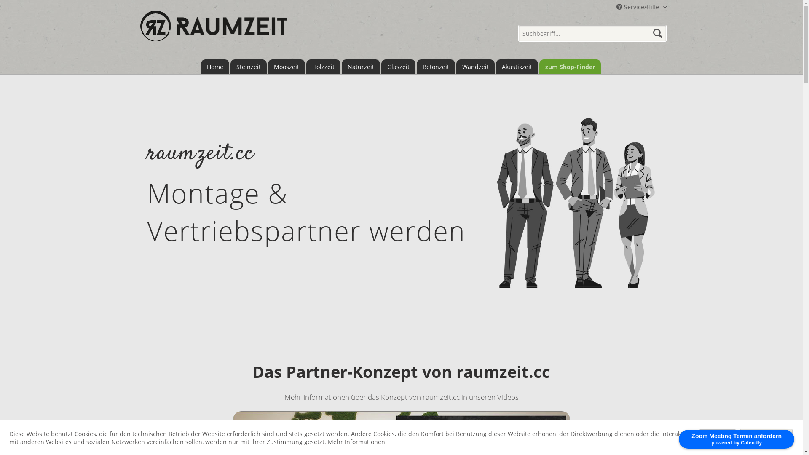 This screenshot has width=809, height=455. I want to click on 'Mehr Informationen', so click(356, 441).